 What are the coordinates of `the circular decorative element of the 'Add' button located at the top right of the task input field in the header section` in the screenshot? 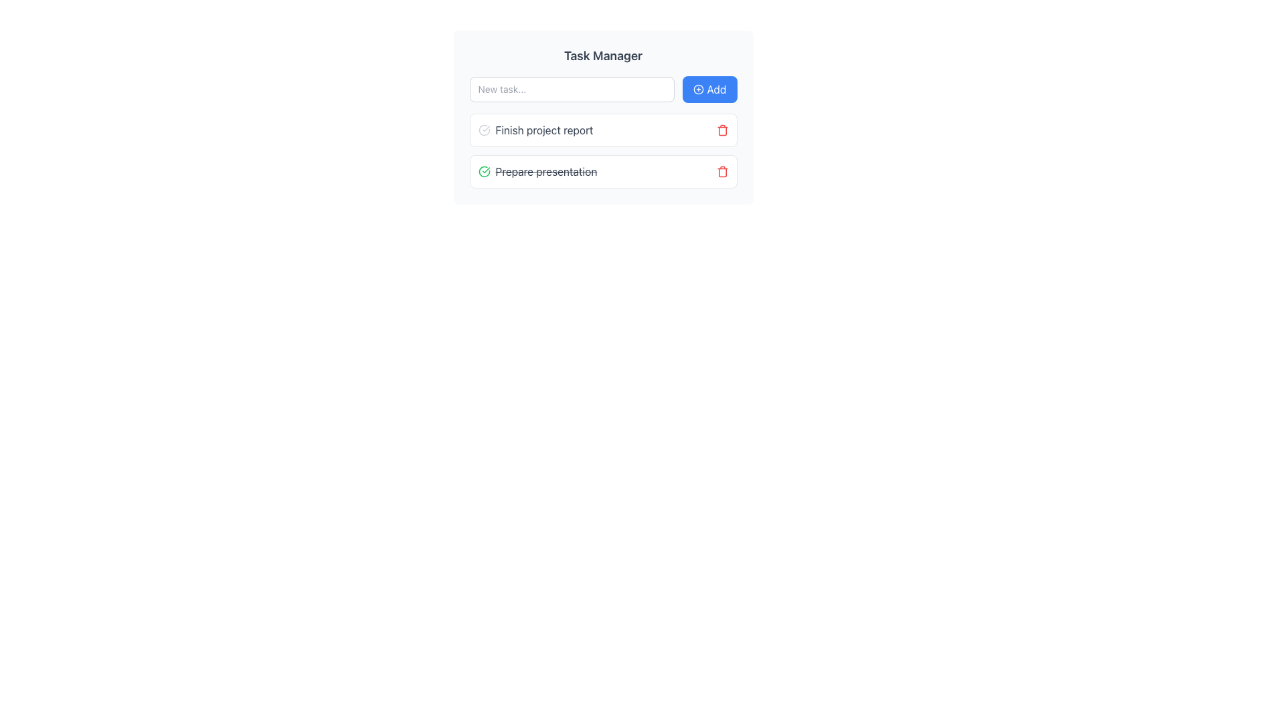 It's located at (698, 90).